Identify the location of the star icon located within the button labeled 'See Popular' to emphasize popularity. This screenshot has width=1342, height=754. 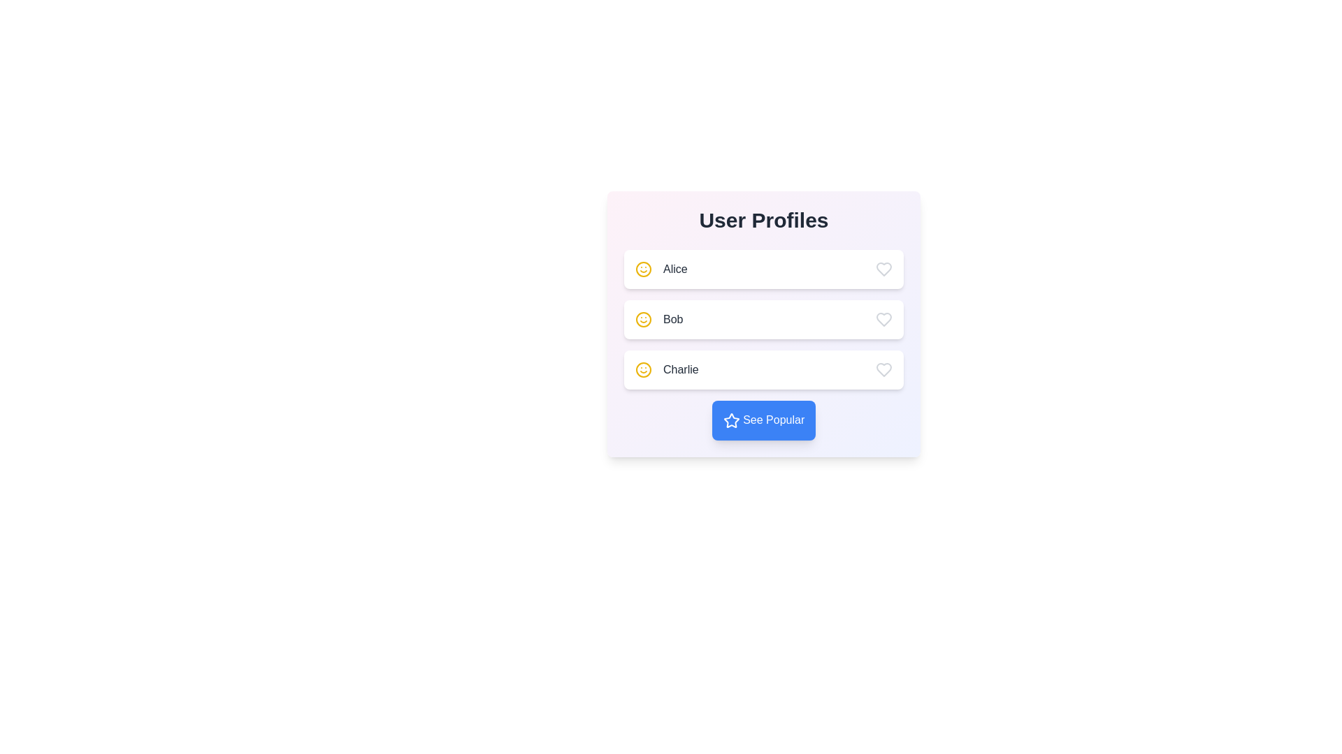
(730, 420).